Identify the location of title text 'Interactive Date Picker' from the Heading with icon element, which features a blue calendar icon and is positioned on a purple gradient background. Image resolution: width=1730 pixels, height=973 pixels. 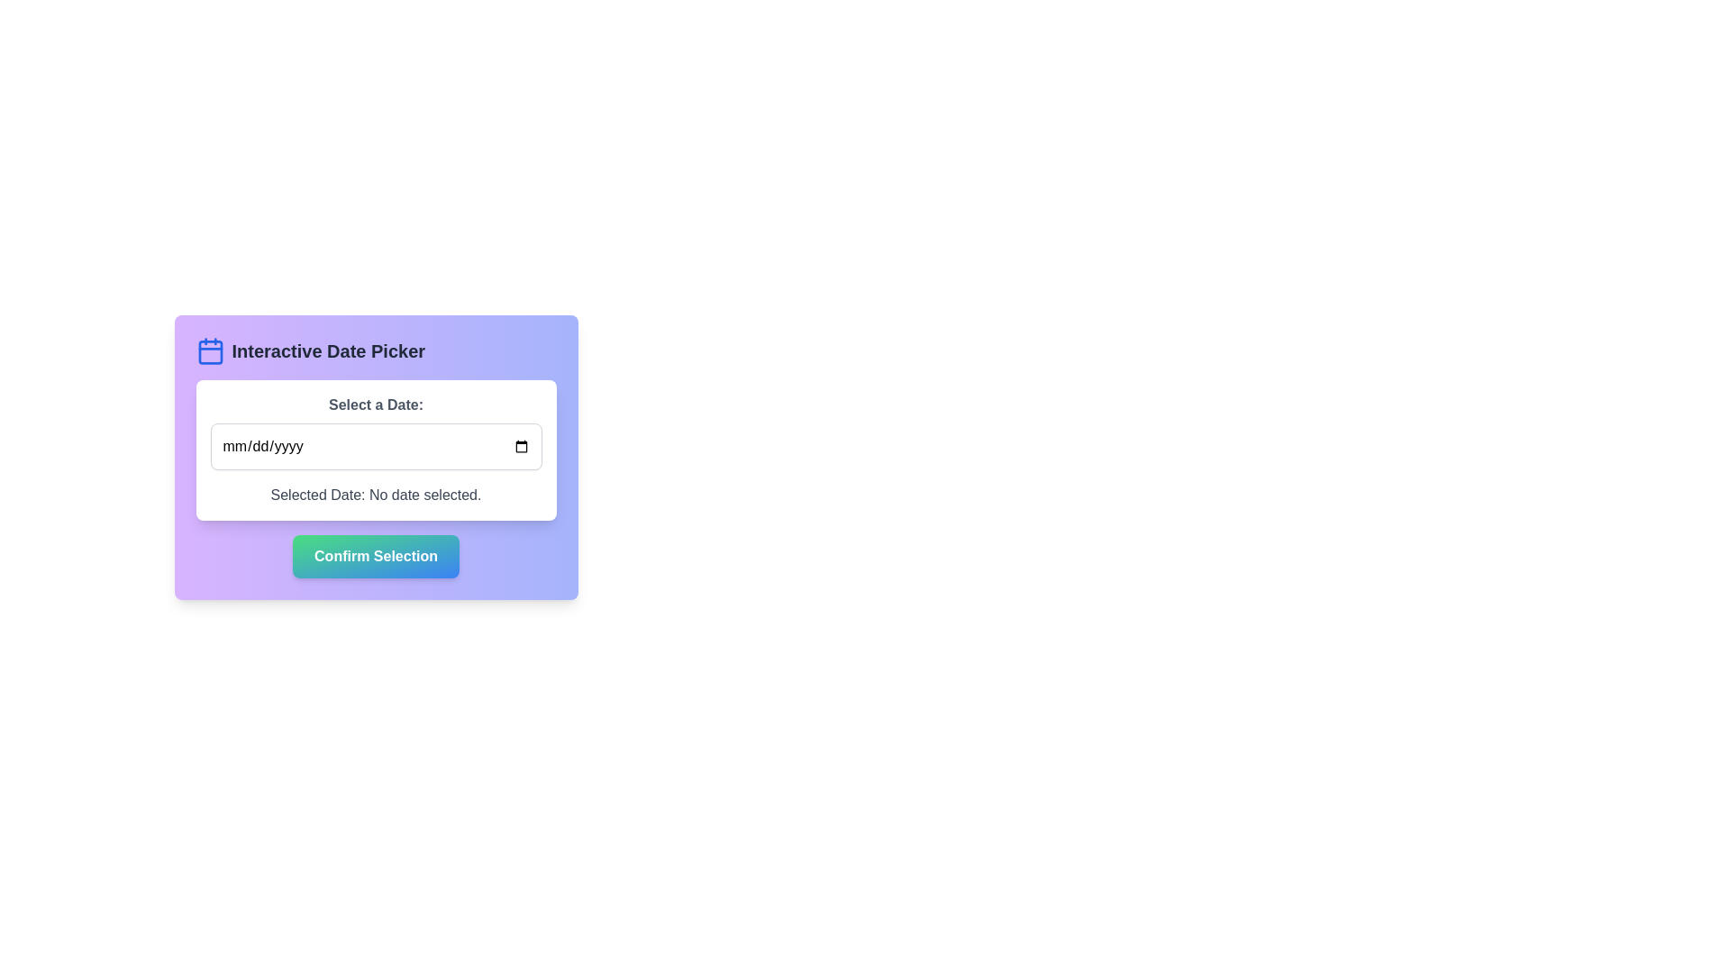
(375, 350).